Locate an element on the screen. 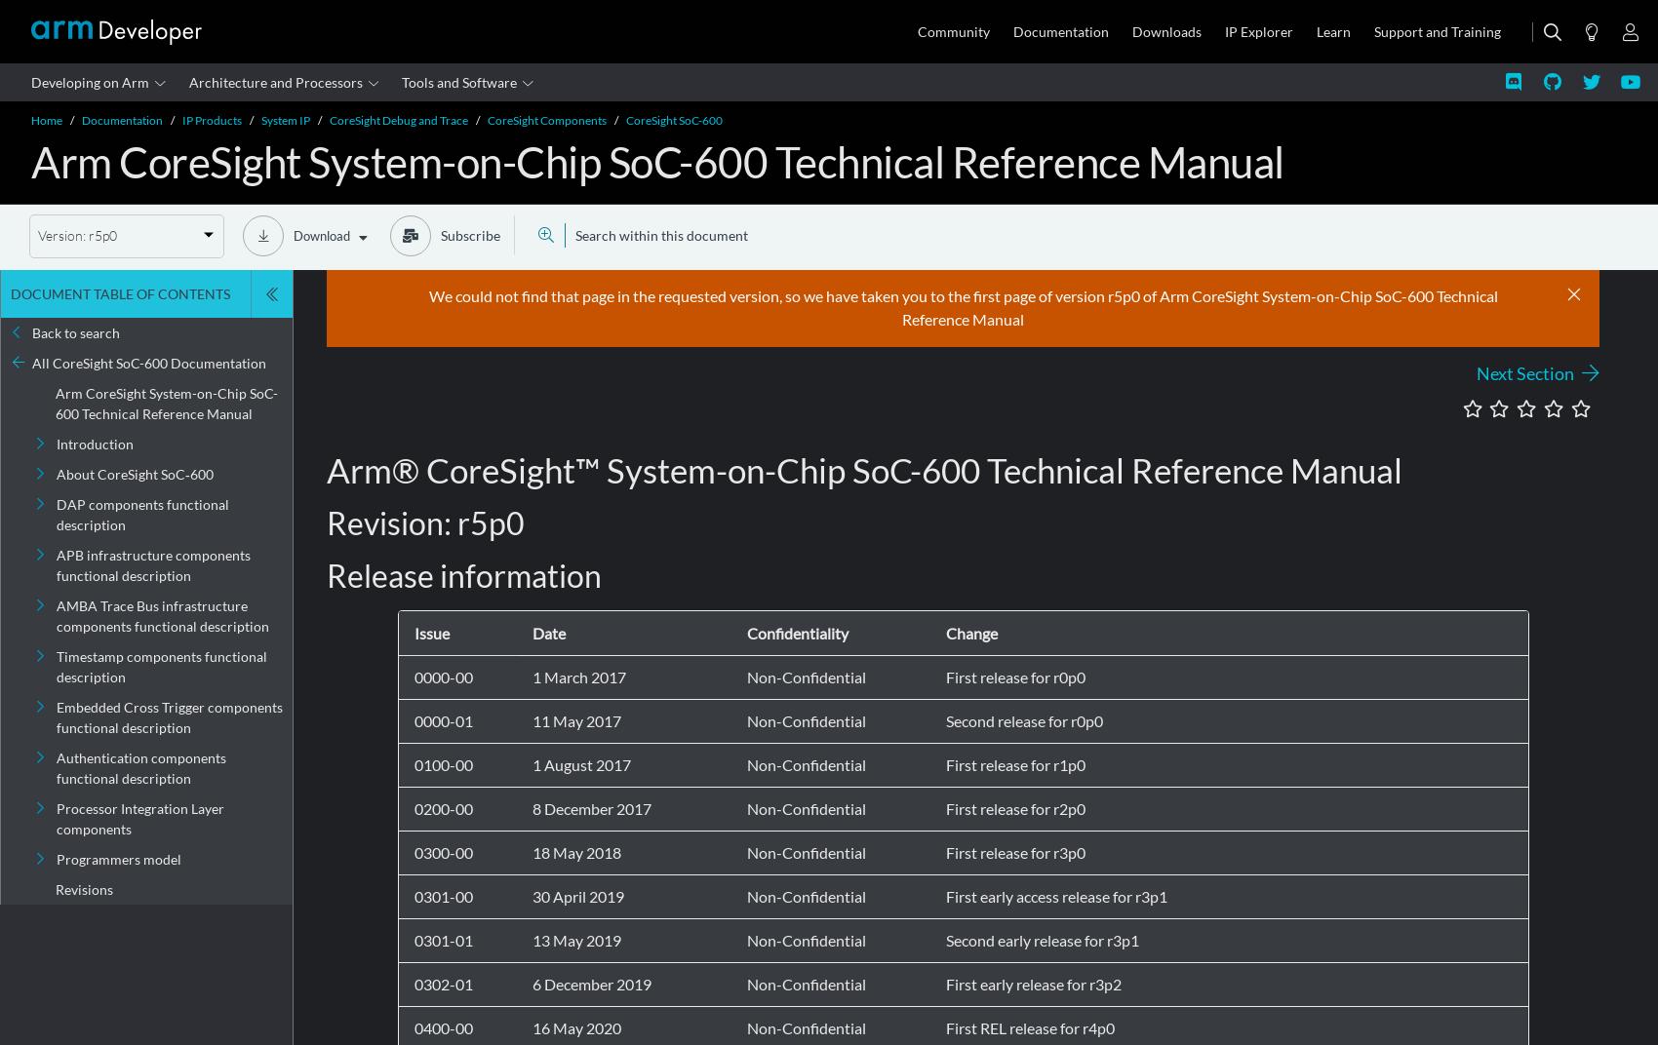 The width and height of the screenshot is (1658, 1045). 'First early access release for r3p1' is located at coordinates (1055, 896).